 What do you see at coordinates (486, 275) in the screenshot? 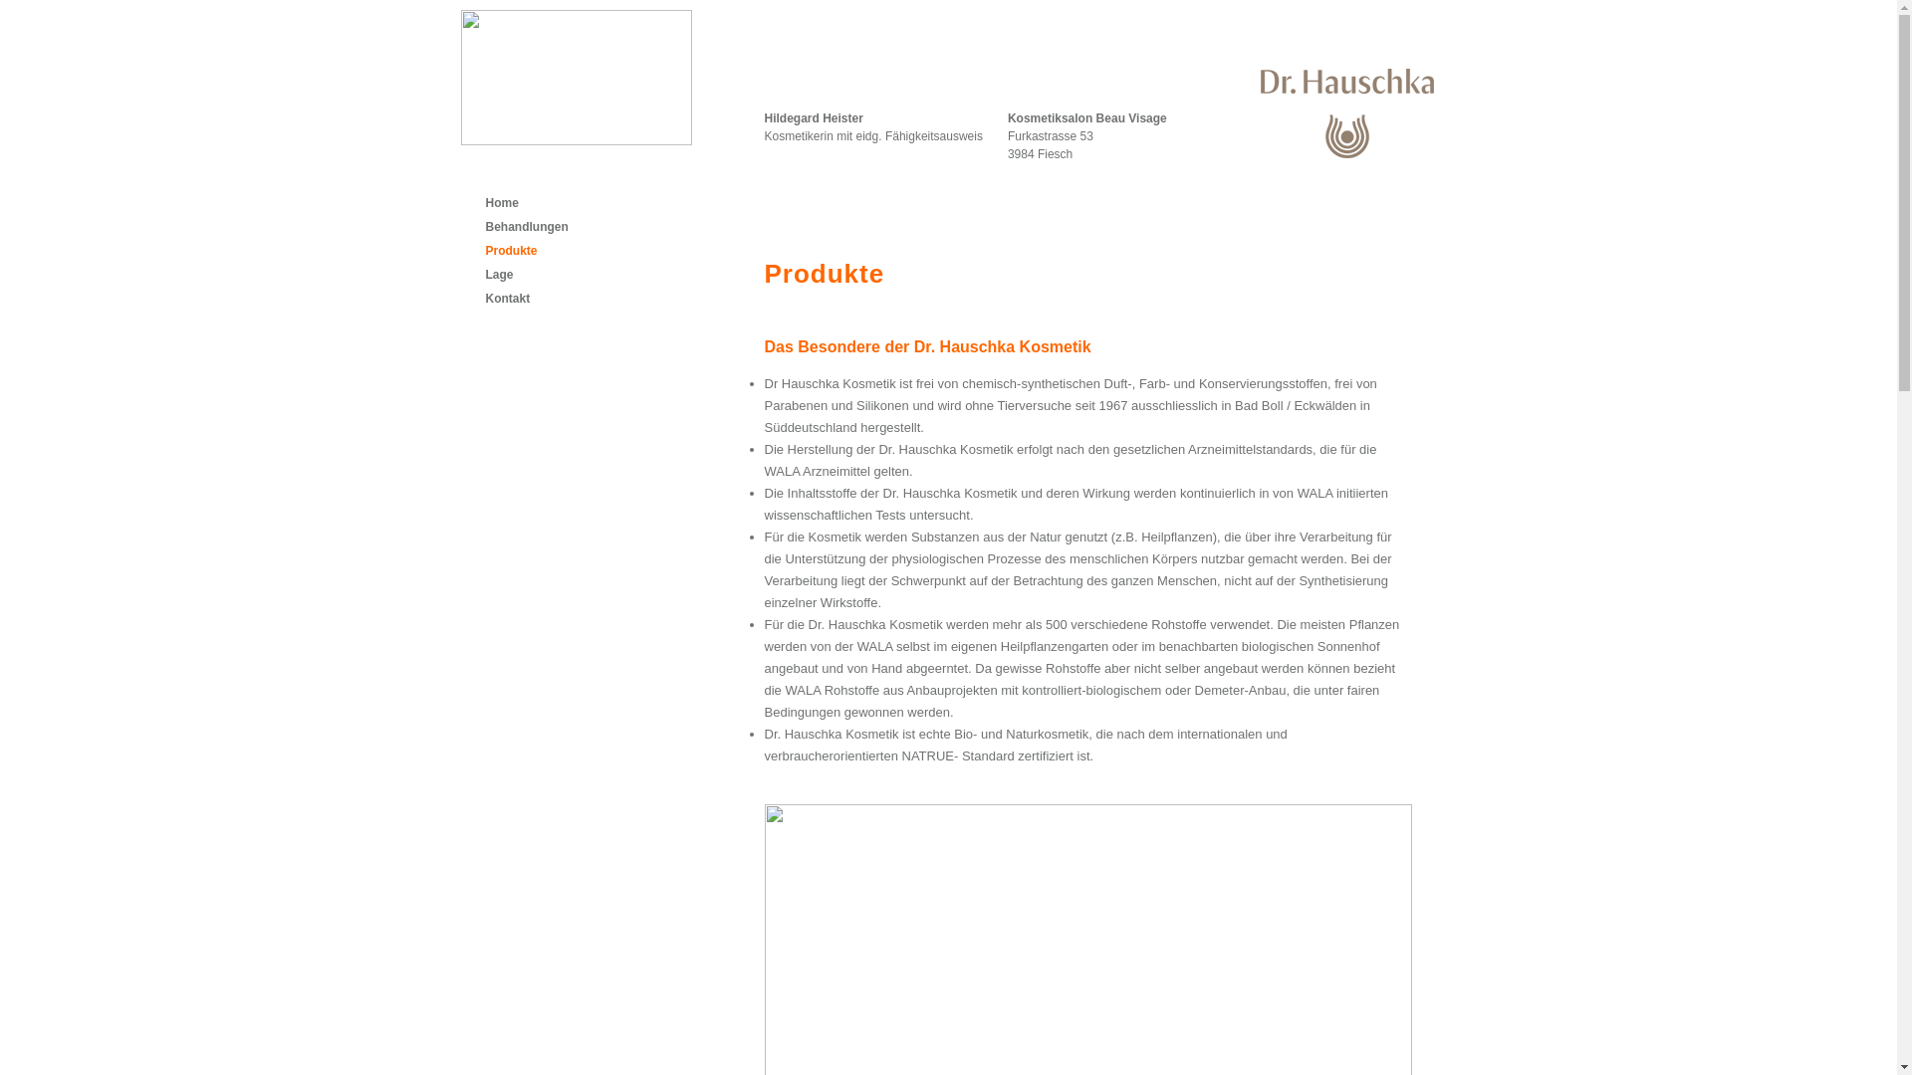
I see `'Lage'` at bounding box center [486, 275].